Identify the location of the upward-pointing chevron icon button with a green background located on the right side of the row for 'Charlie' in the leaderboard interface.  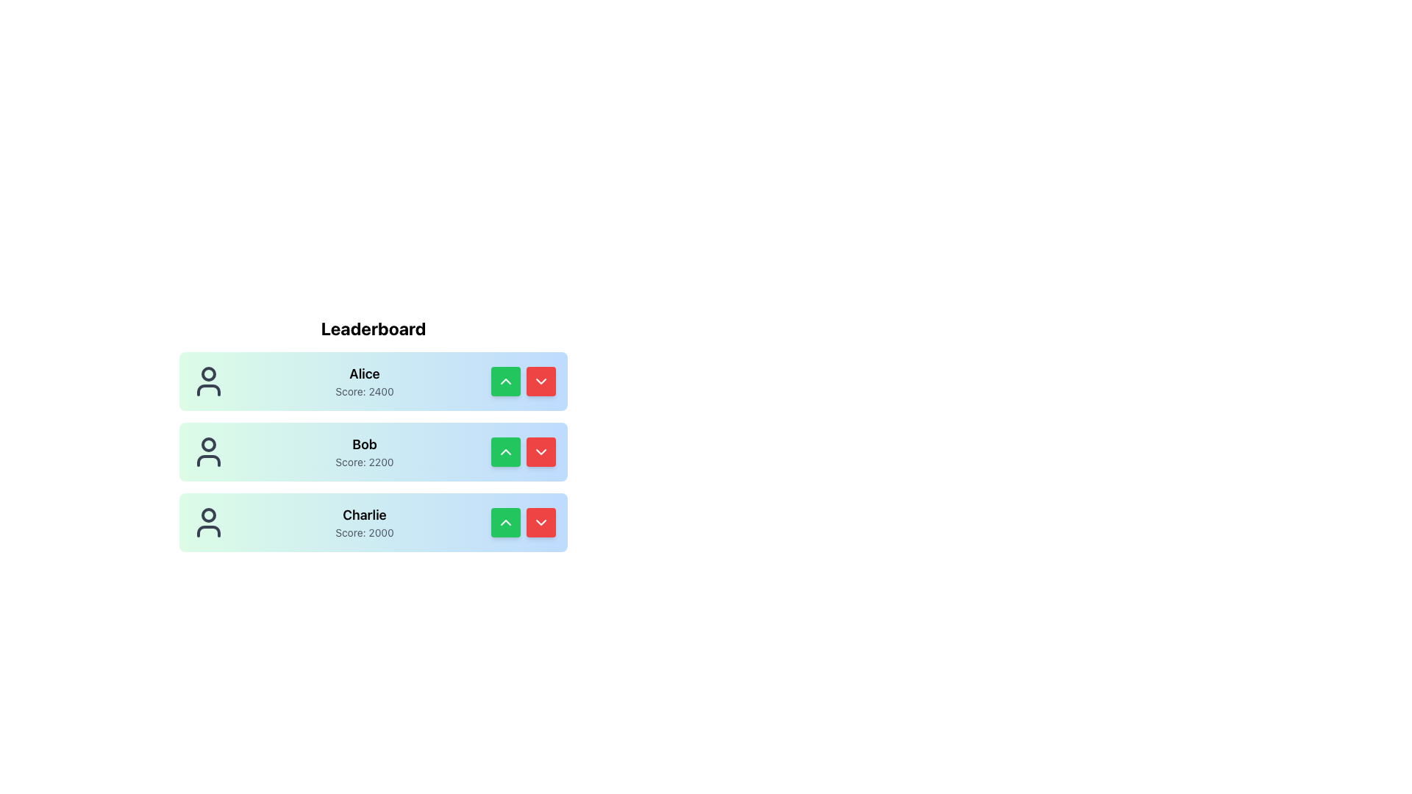
(505, 521).